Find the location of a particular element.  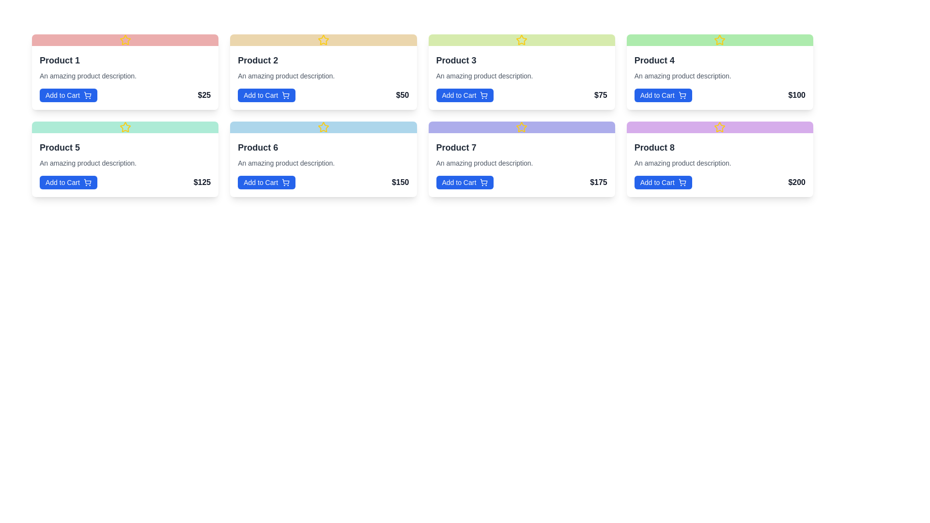

the yellow star icon indicating 'Product 2' located in the header section above the product's descriptive text and price is located at coordinates (323, 39).